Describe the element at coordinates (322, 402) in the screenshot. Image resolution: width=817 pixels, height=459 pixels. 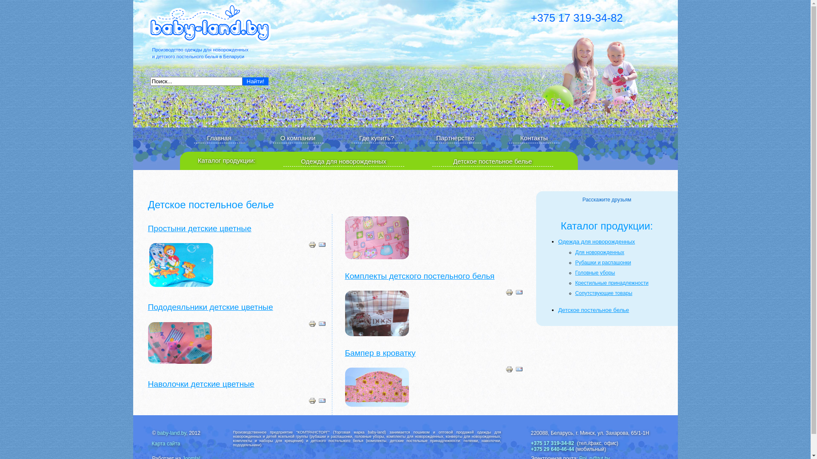
I see `'E-mail'` at that location.